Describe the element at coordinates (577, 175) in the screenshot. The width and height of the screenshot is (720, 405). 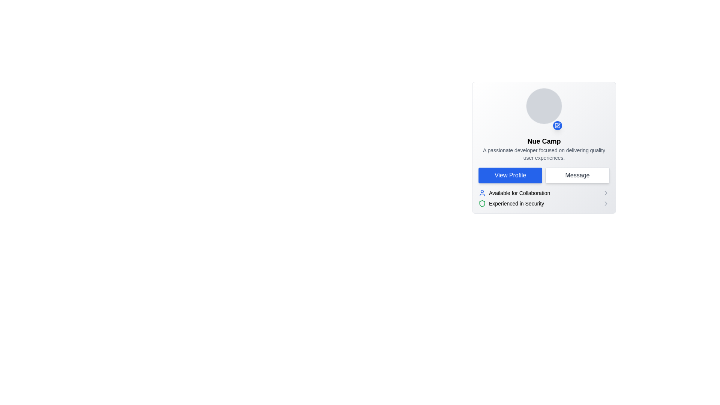
I see `the button that allows the user to send a message, which is the second button in a horizontal pair located below the profile information section` at that location.